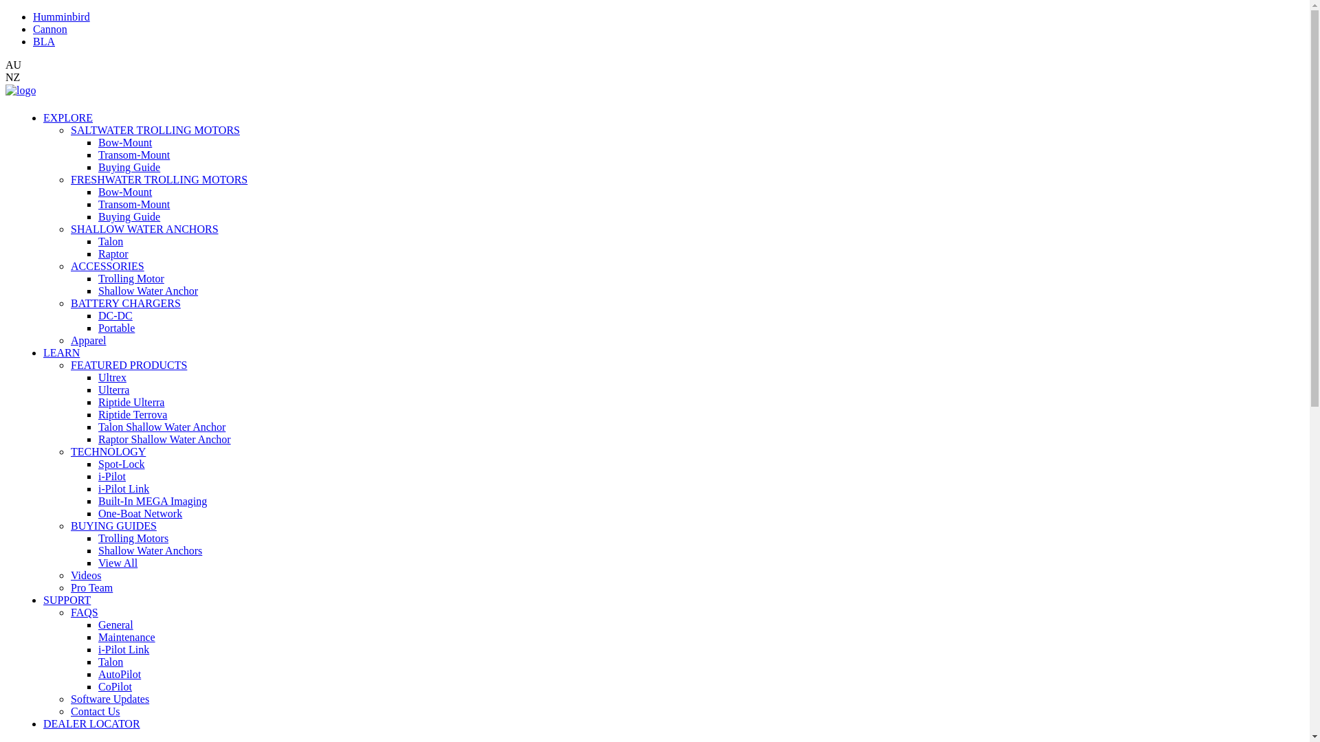 This screenshot has height=742, width=1320. I want to click on 'Maintenance', so click(98, 637).